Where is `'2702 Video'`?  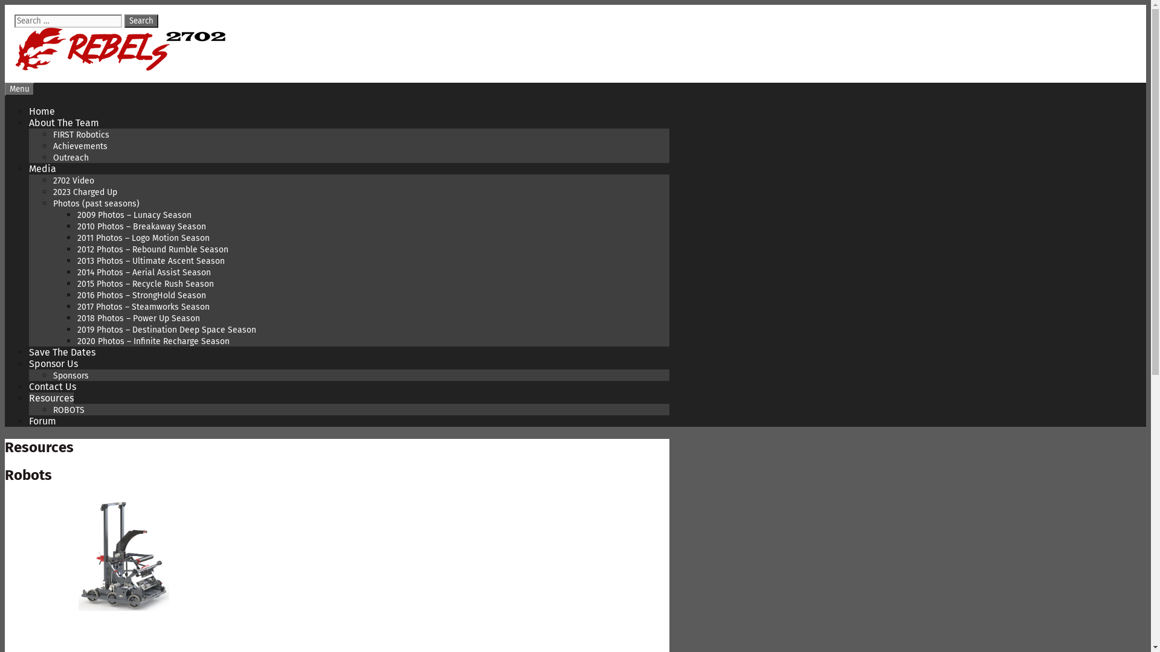
'2702 Video' is located at coordinates (72, 181).